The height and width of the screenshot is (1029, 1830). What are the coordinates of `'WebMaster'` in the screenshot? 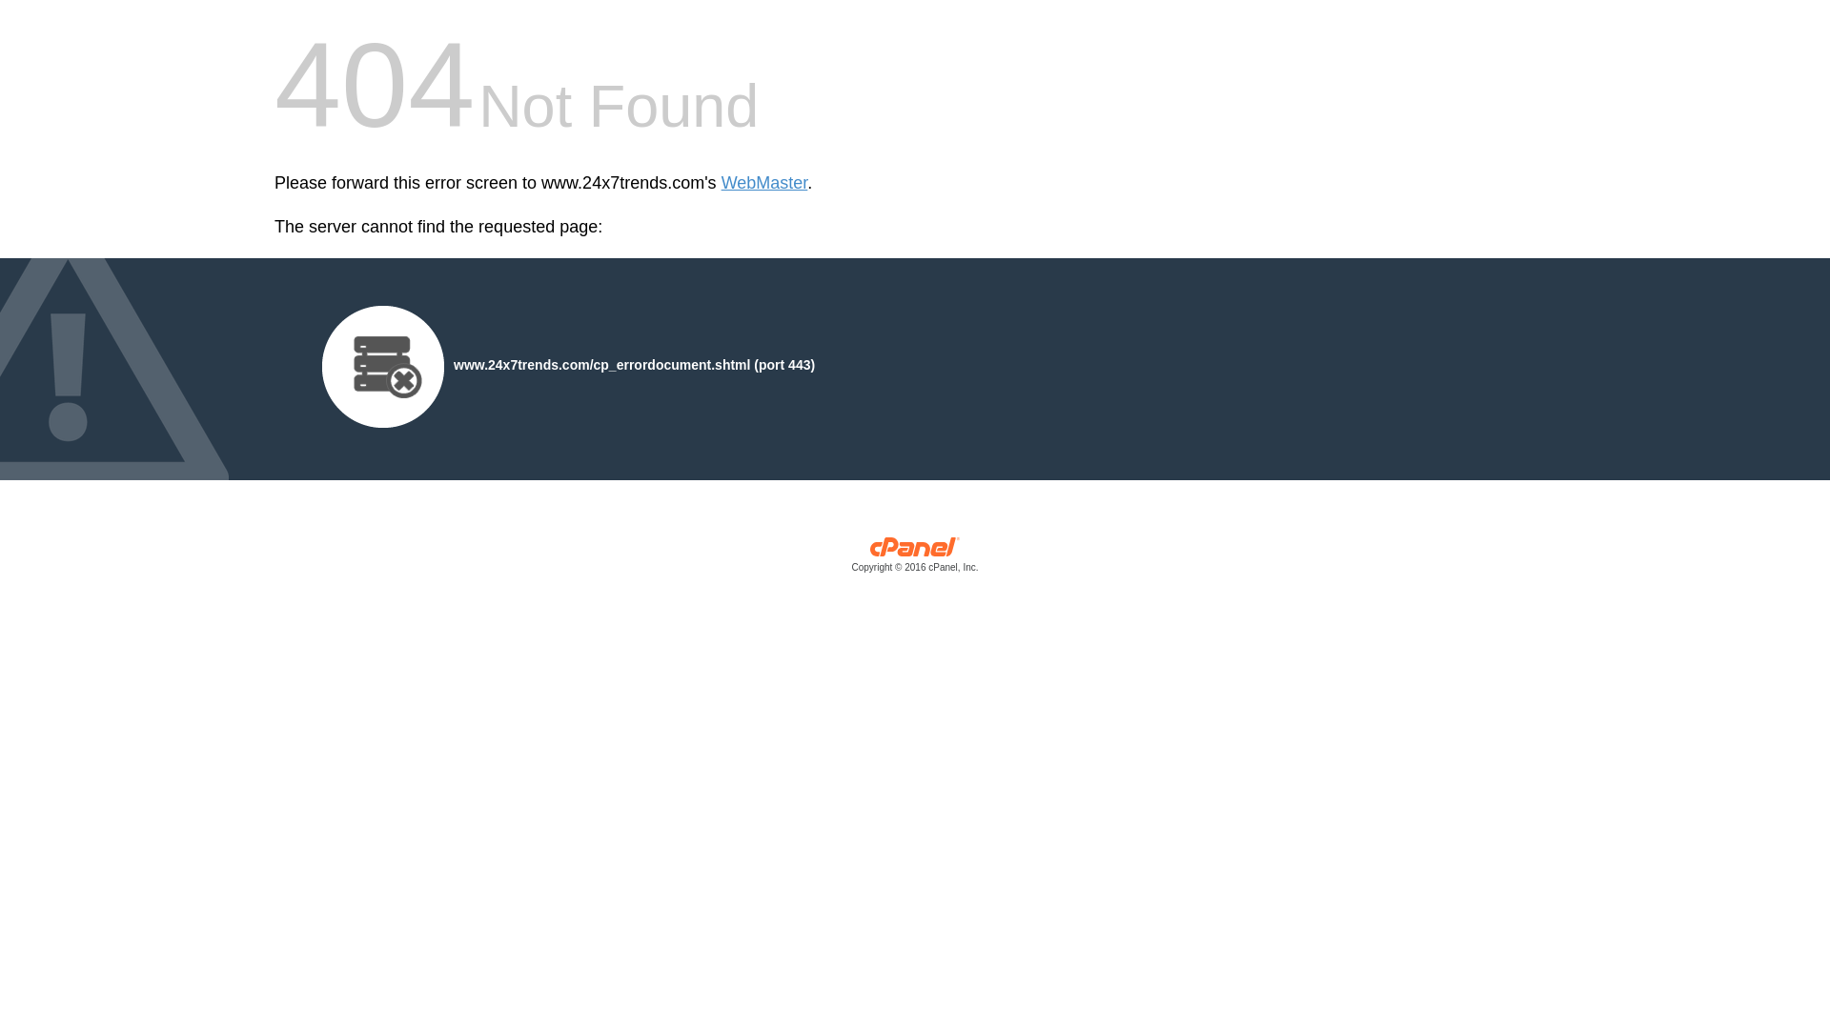 It's located at (764, 183).